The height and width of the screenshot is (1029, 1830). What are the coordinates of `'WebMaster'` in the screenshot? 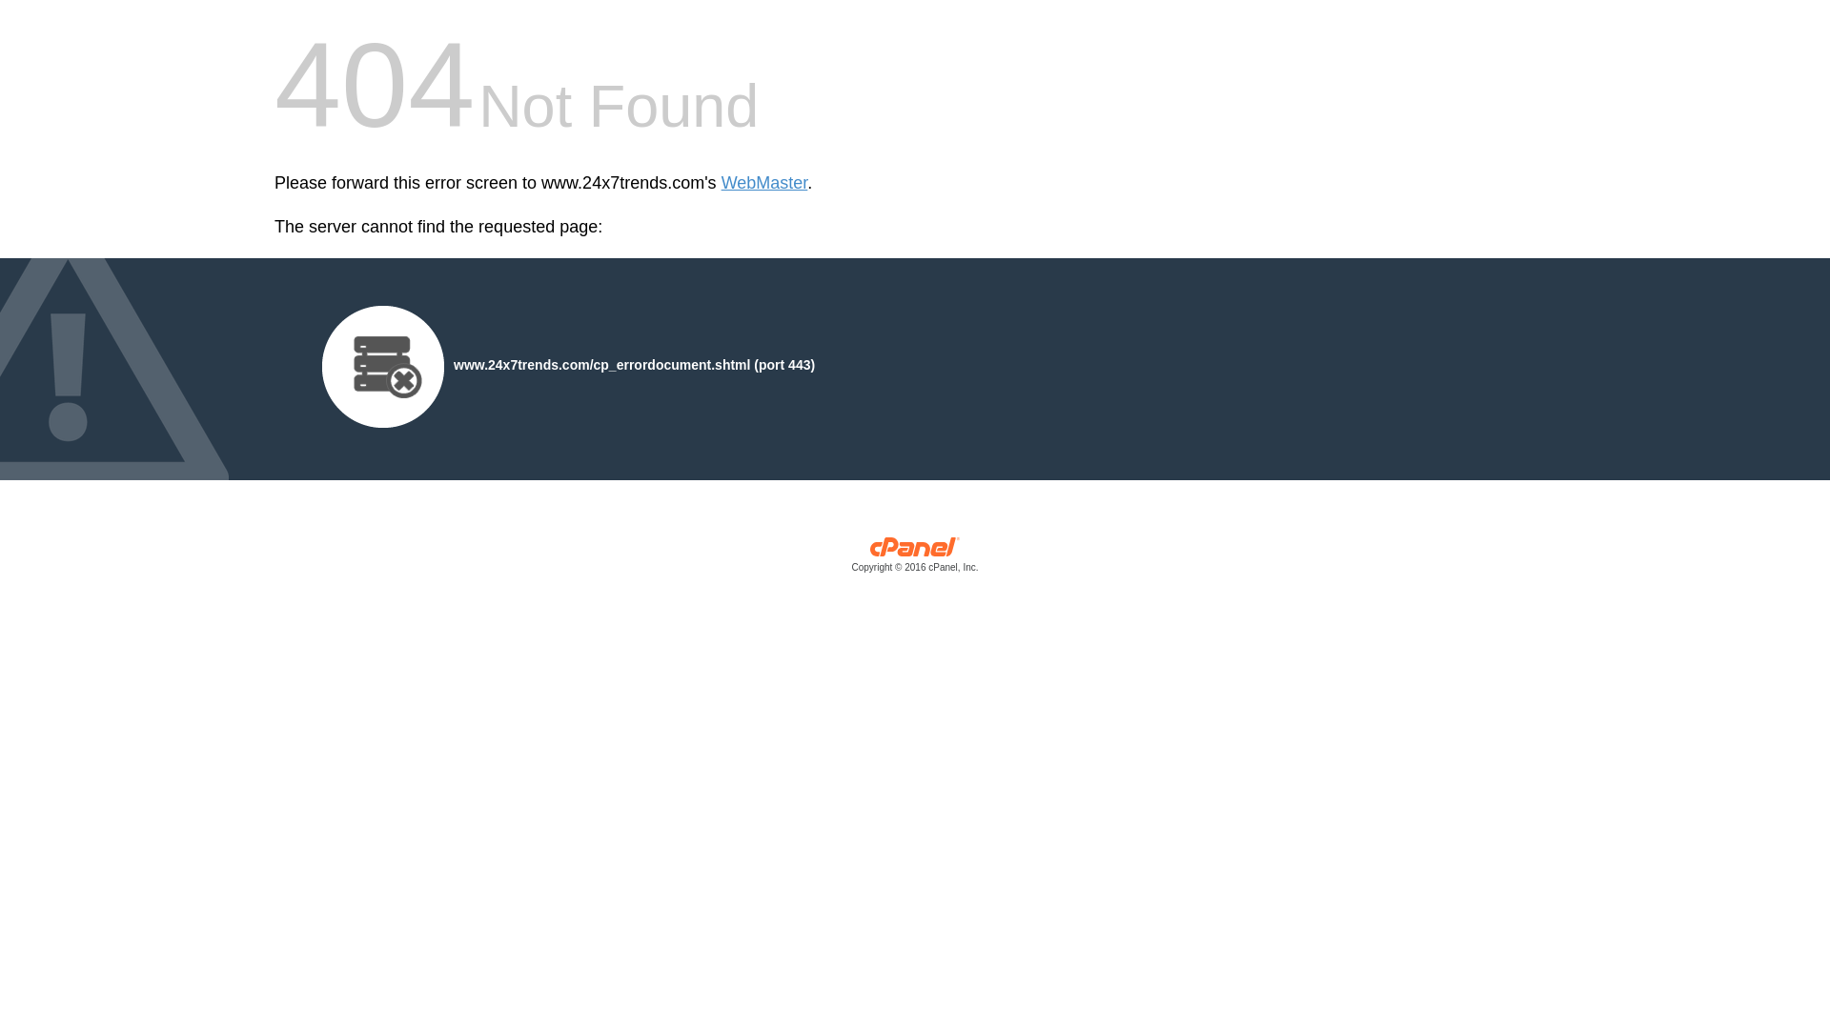 It's located at (764, 183).